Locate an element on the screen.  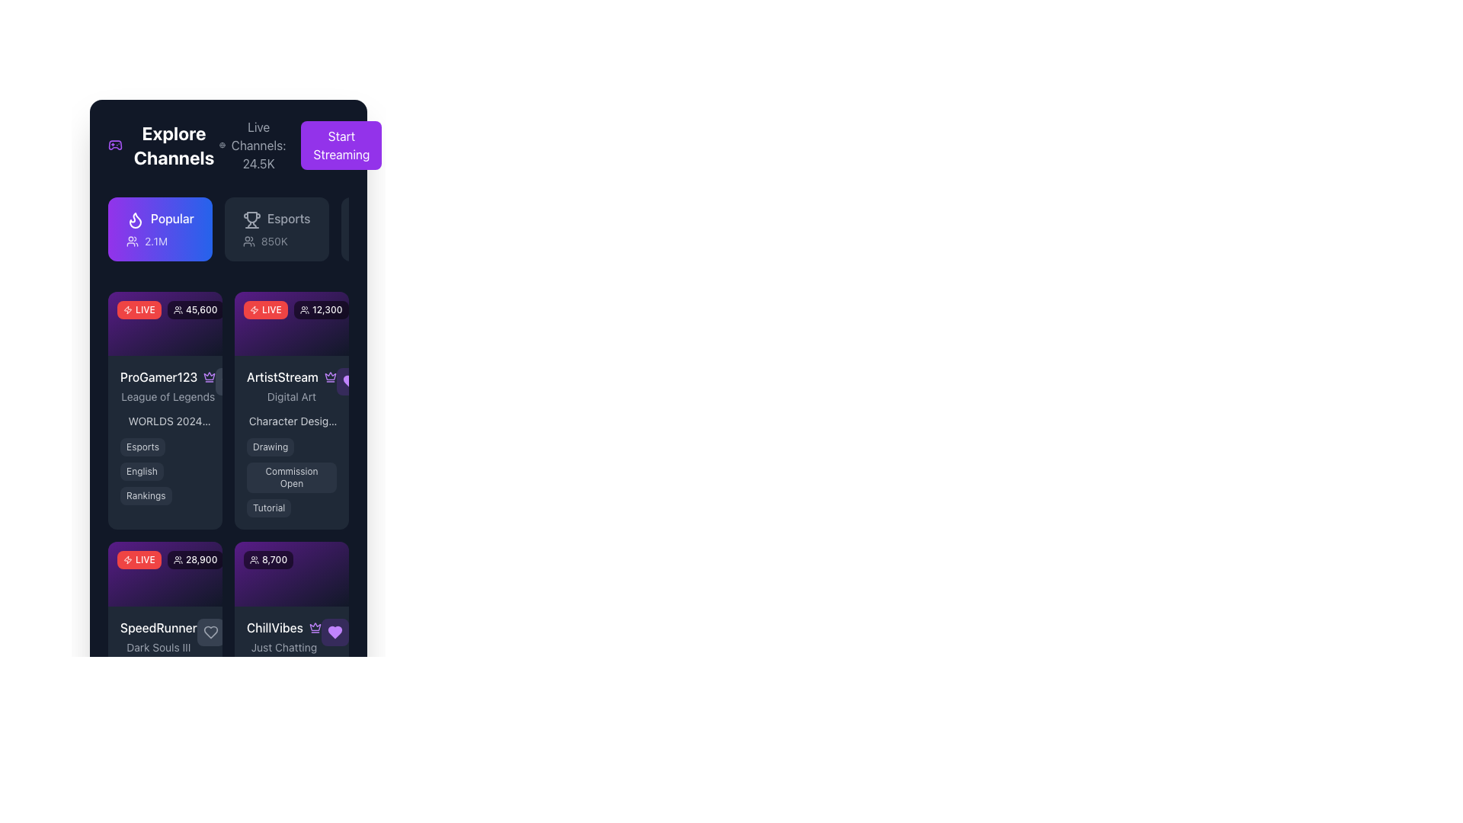
the live status Badge indicating the status of the 'SpeedRunner' stream located in the bottom-left section of the grid layout is located at coordinates (139, 560).